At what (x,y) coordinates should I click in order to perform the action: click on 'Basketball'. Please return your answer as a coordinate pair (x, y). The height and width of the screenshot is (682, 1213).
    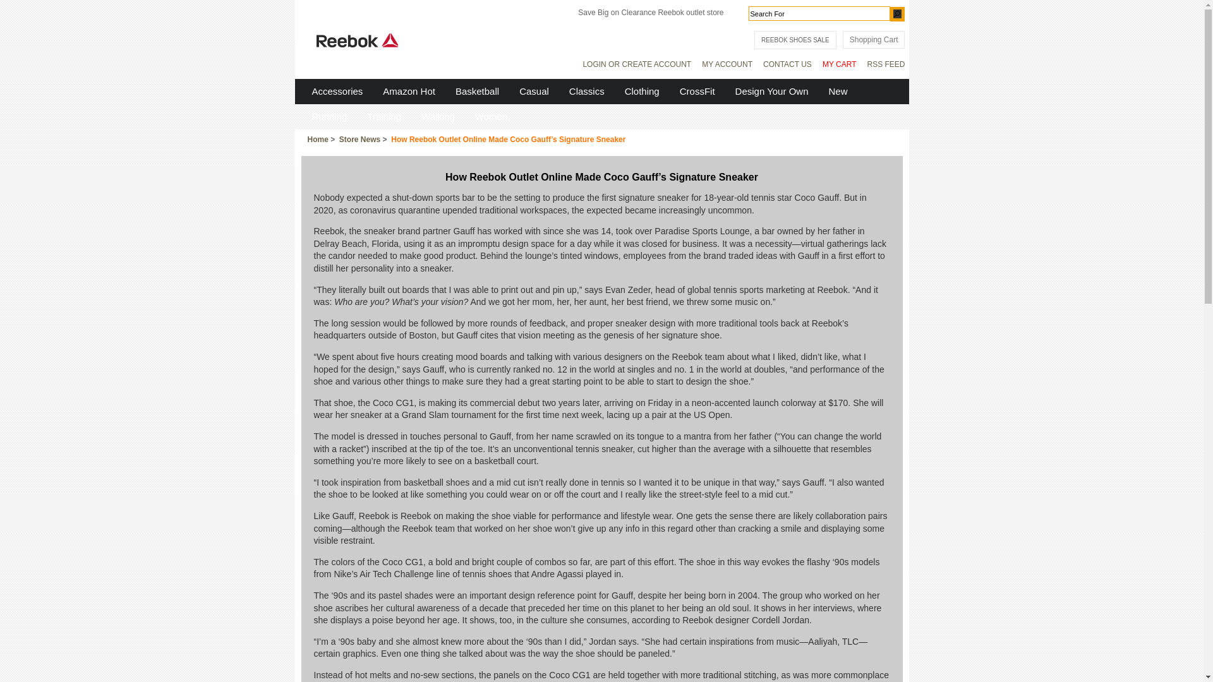
    Looking at the image, I should click on (476, 90).